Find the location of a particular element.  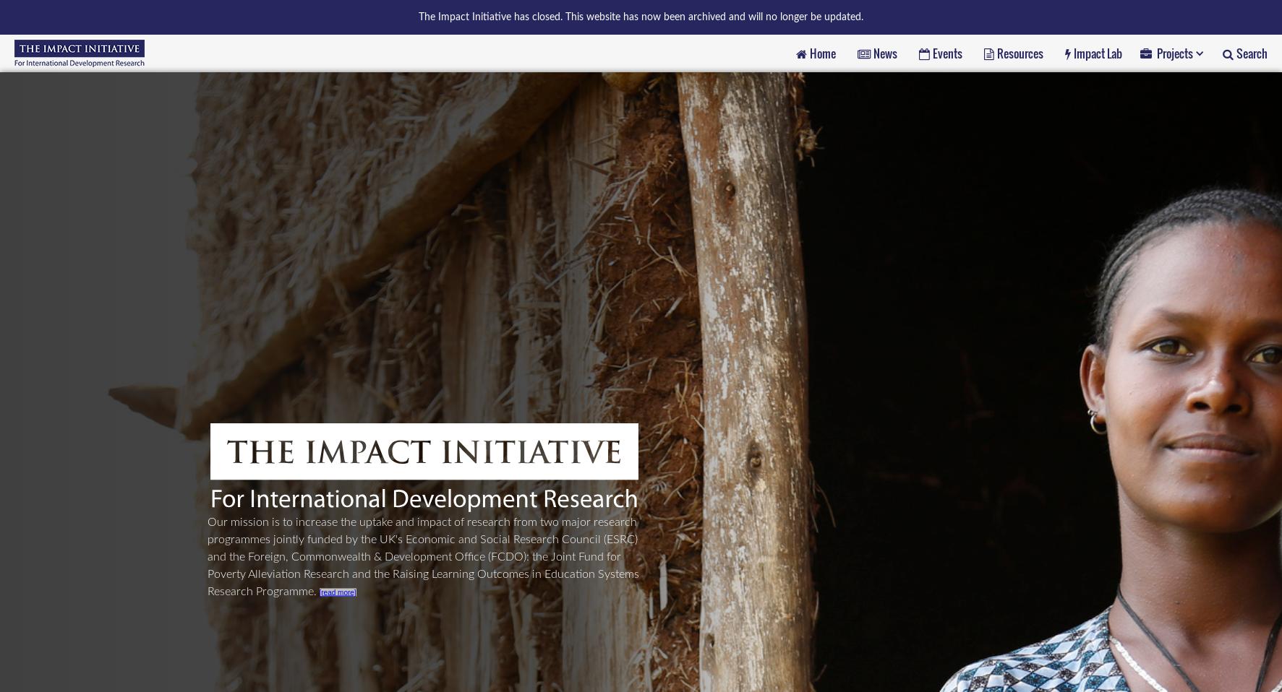

'News' is located at coordinates (884, 51).